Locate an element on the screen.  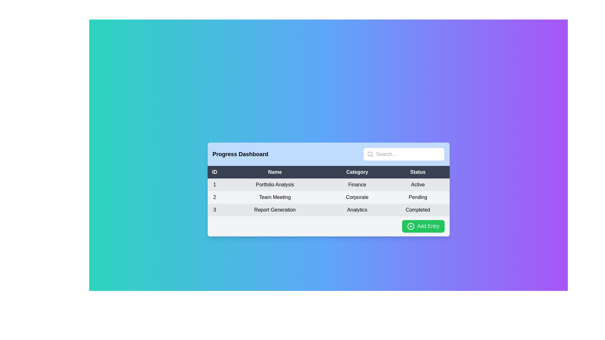
the 'Name' text label in the first row of the table, which is positioned between the 'ID' value '1' and the 'Category' value 'Finance' is located at coordinates (275, 184).